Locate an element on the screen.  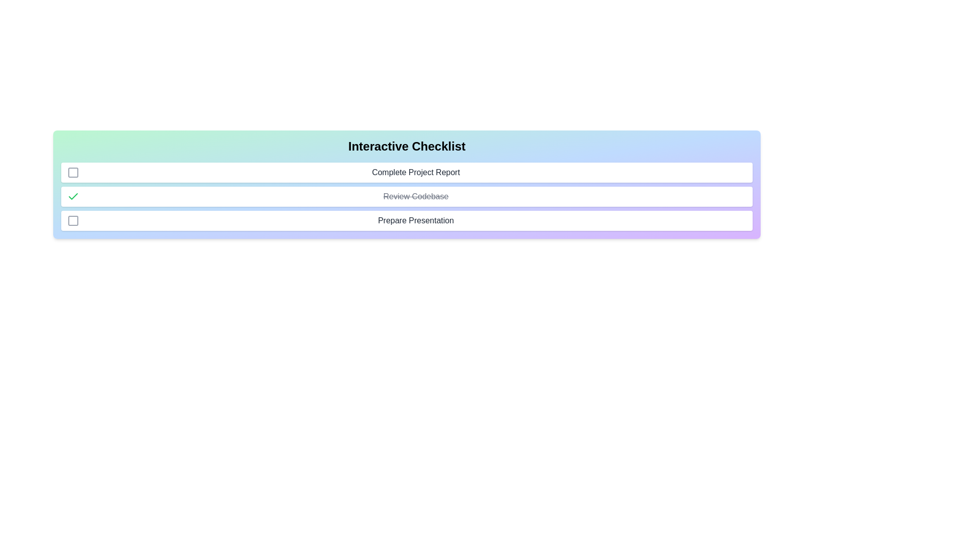
the label of the task Complete Project Report to focus or interact with it is located at coordinates (416, 172).